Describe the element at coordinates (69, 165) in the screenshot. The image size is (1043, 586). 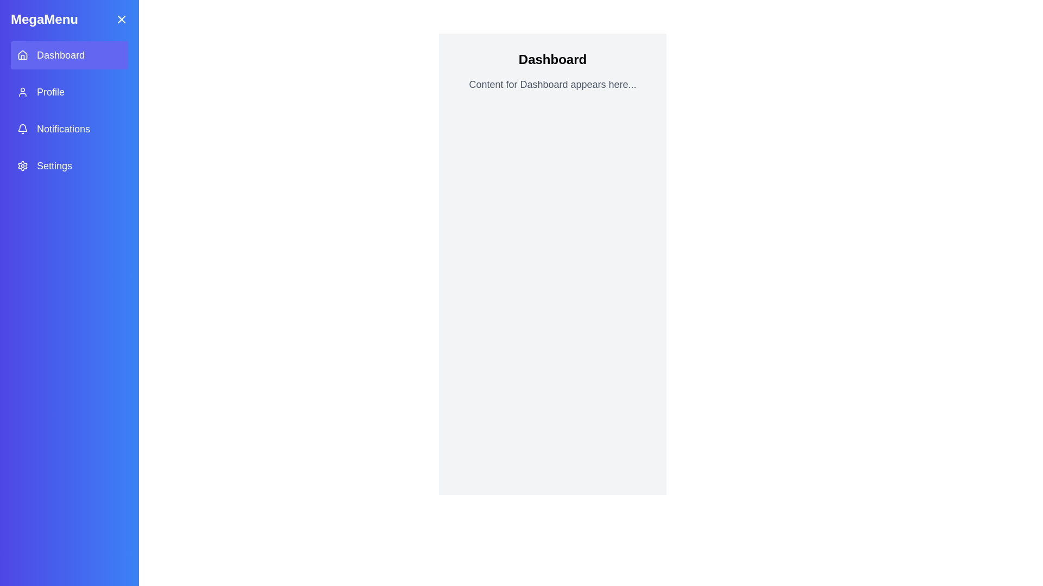
I see `the 'Settings' menu item featuring a gear icon, located in the MegaMenu sidebar, which is the fourth entry in the vertical list of menu options` at that location.